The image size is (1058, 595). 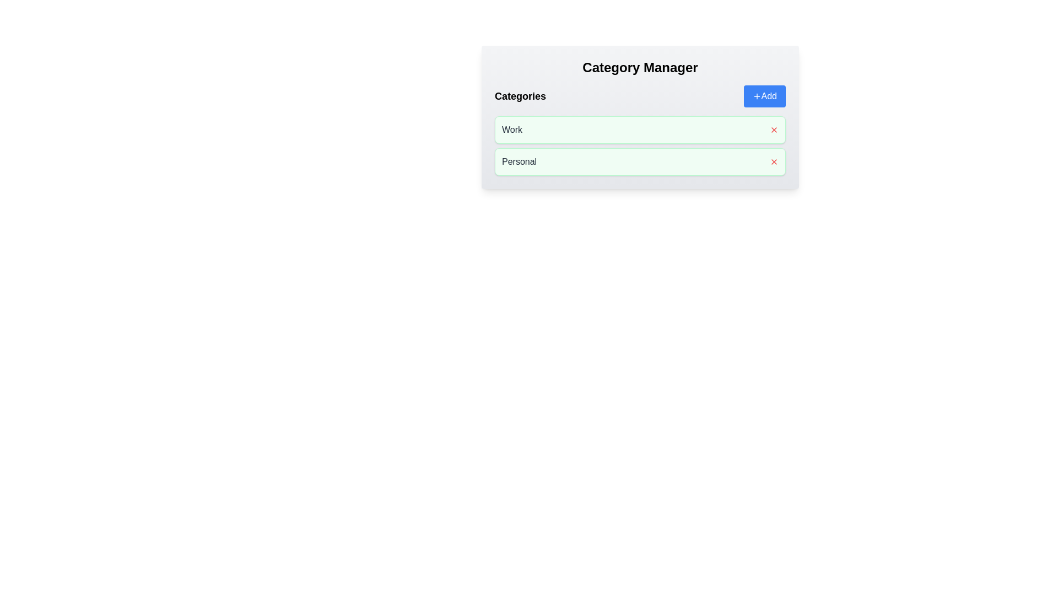 What do you see at coordinates (774, 161) in the screenshot?
I see `deactivate button (red 'X') next to the category Personal` at bounding box center [774, 161].